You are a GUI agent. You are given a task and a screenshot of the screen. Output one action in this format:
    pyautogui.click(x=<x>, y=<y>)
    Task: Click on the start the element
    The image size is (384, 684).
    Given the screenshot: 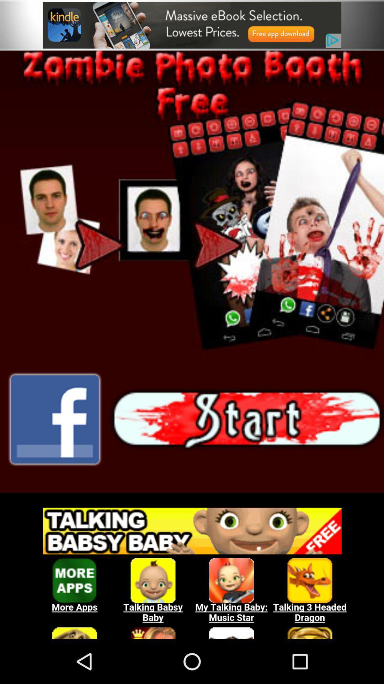 What is the action you would take?
    pyautogui.click(x=246, y=419)
    